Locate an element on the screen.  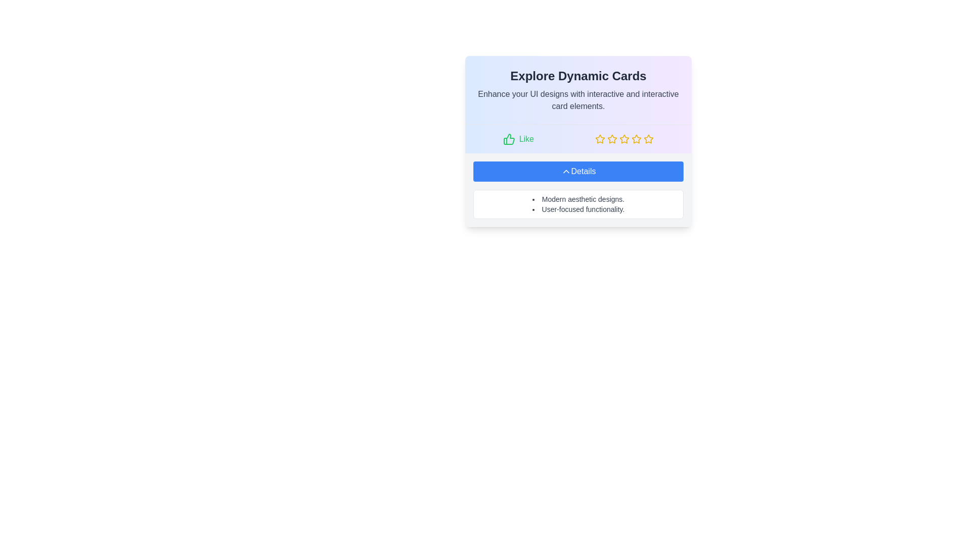
the Text block containing bullet points that lists 'Modern aesthetic designs.' and 'User-focused functionality.' located beneath the 'Details' button is located at coordinates (578, 204).